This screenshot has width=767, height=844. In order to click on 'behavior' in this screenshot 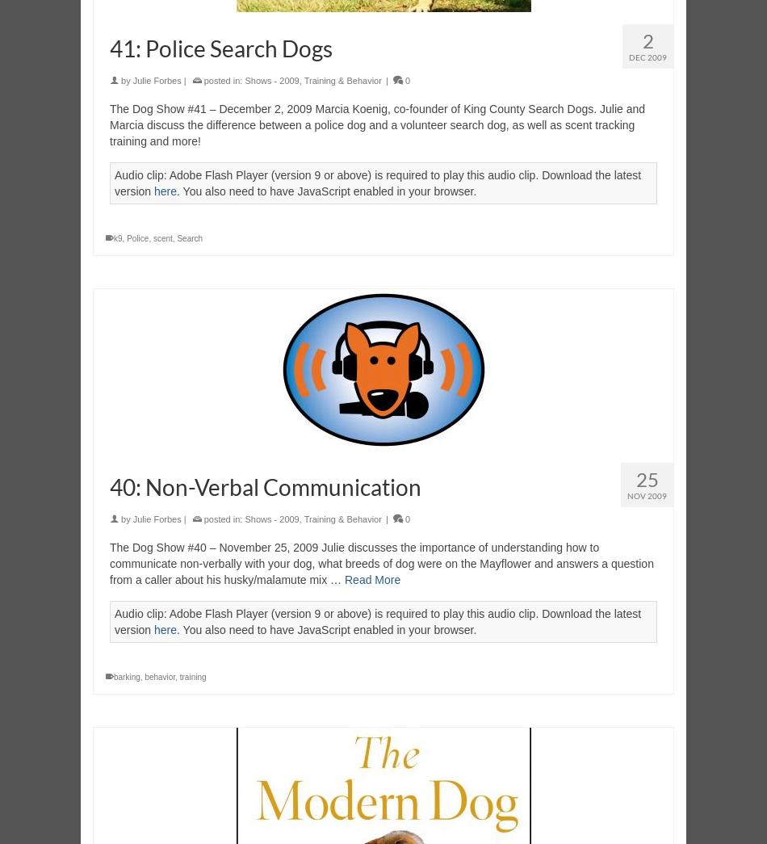, I will do `click(144, 676)`.